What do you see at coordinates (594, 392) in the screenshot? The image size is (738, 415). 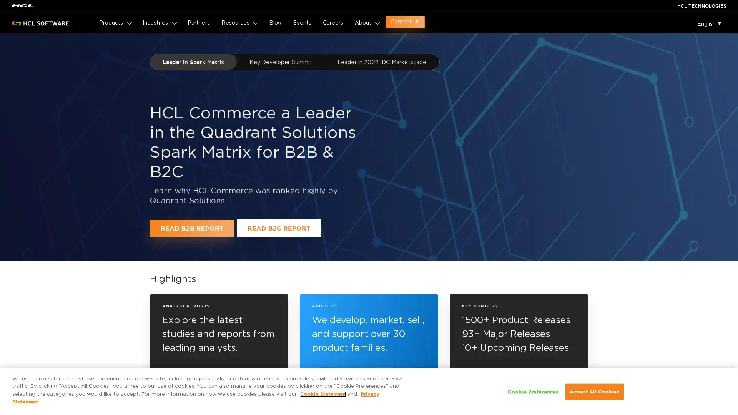 I see `Accept All Cookies` at bounding box center [594, 392].